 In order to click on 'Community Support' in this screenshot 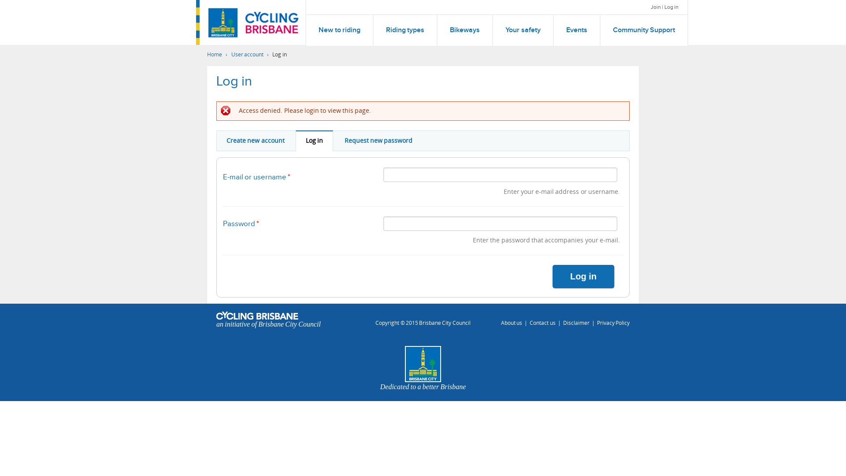, I will do `click(644, 30)`.